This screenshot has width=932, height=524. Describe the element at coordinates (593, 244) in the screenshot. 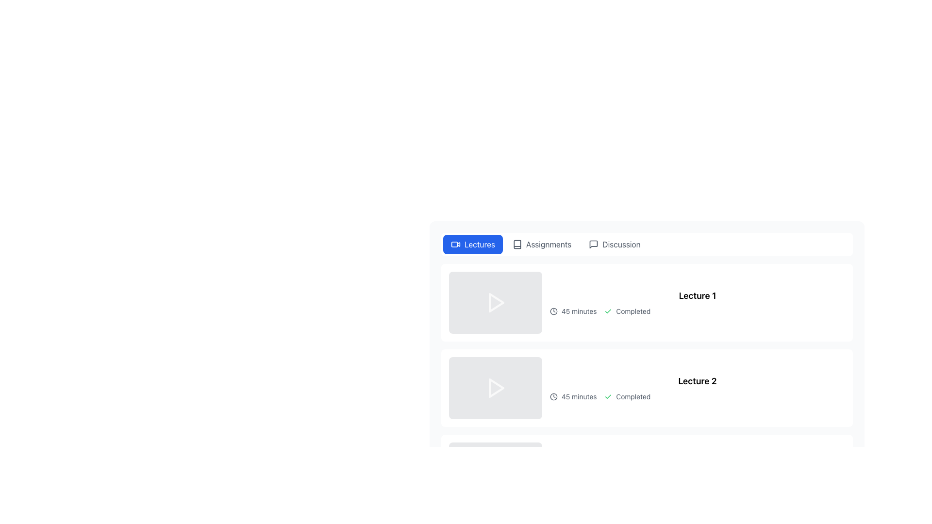

I see `the message square icon` at that location.